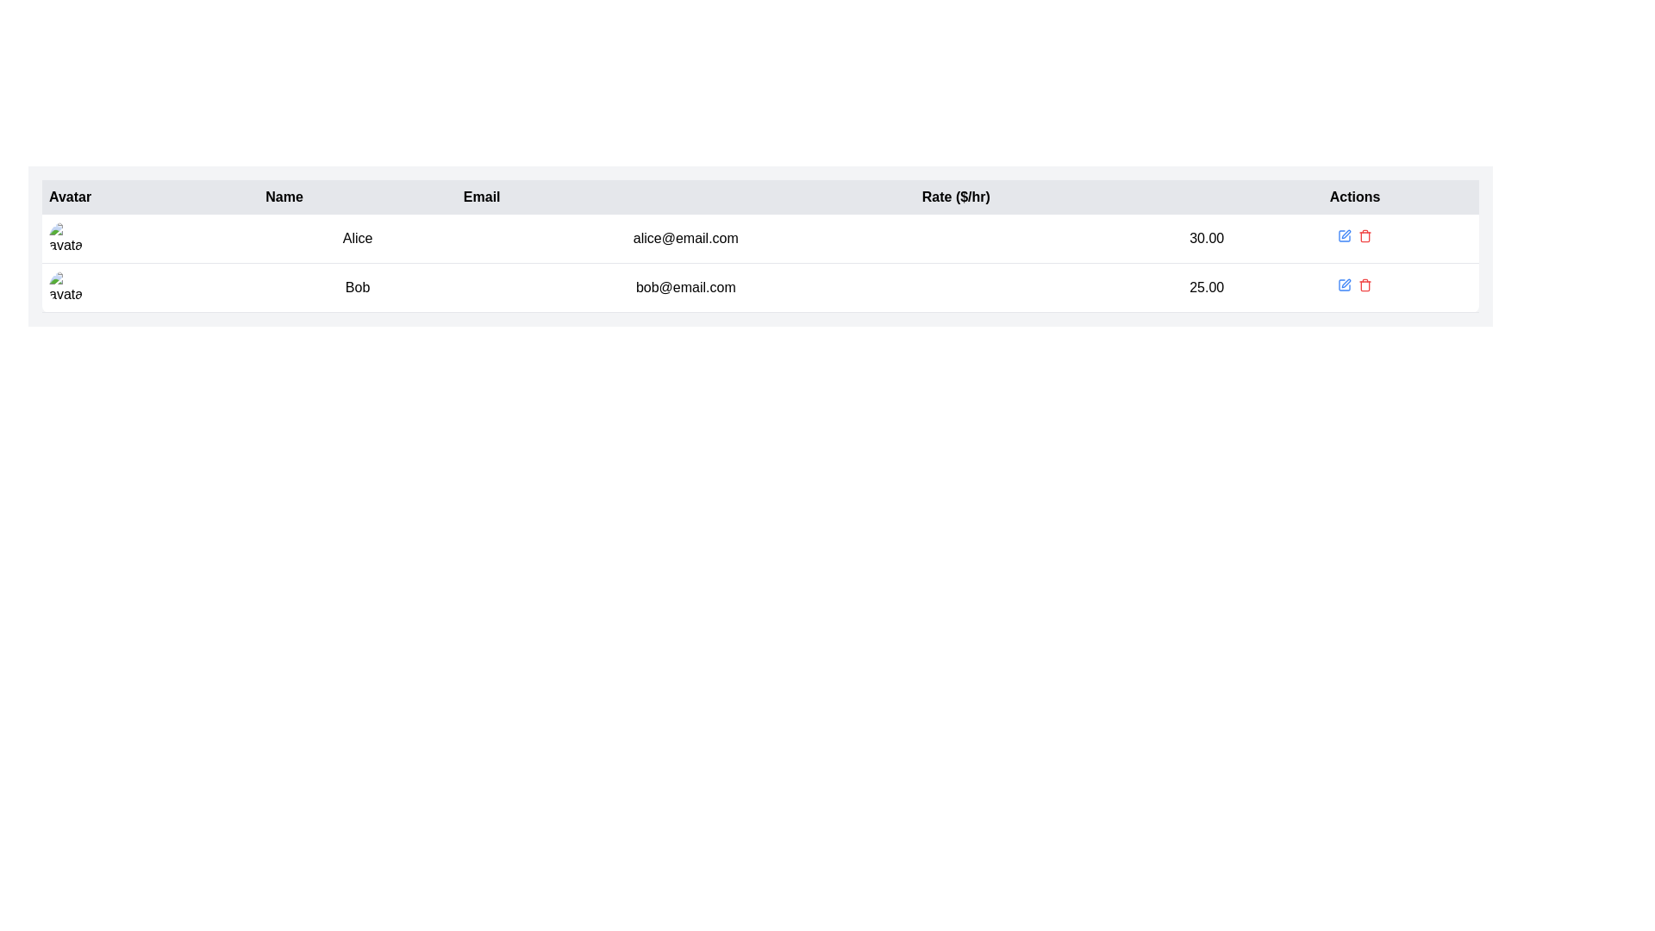 This screenshot has height=931, width=1655. I want to click on details of the user in the second row of the table, which contains the name 'Bob', email 'bob@email.com', and a rate of '25.00', so click(759, 287).